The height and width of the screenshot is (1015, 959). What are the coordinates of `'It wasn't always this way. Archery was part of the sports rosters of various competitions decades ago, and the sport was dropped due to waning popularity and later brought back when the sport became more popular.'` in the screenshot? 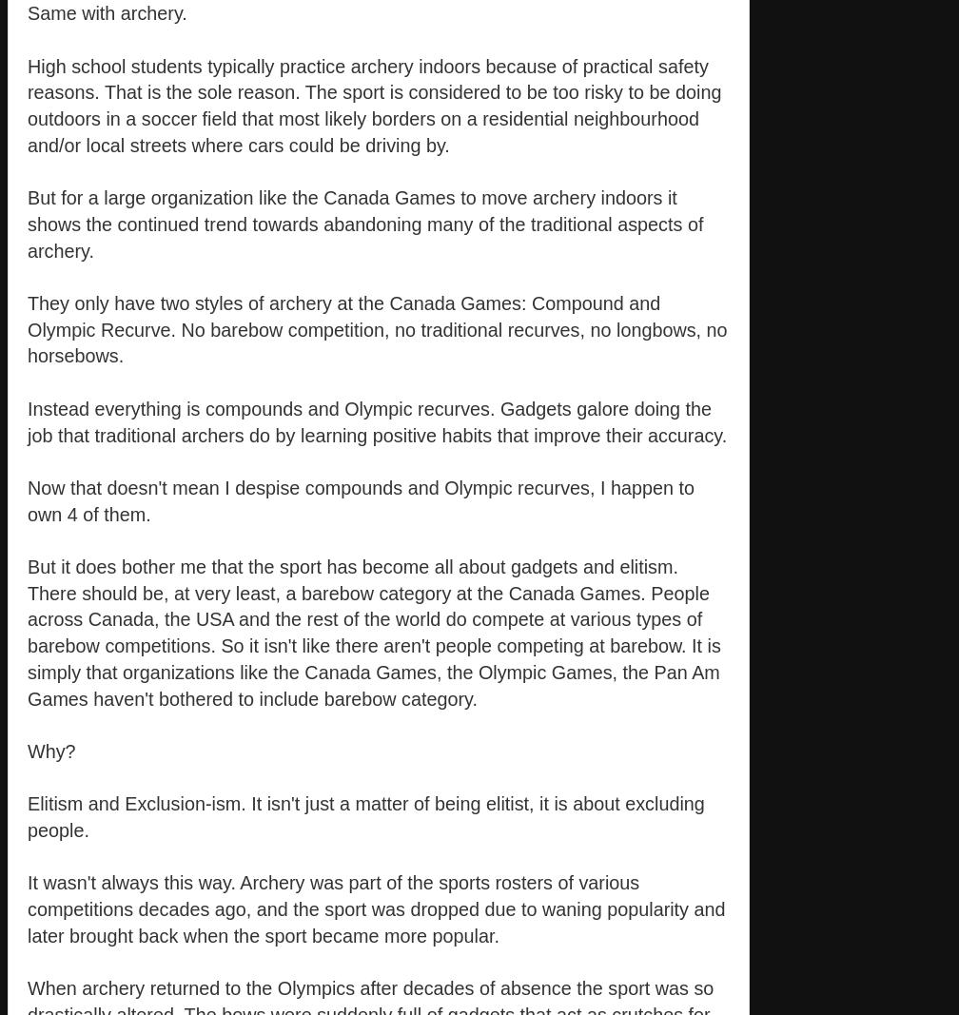 It's located at (376, 908).